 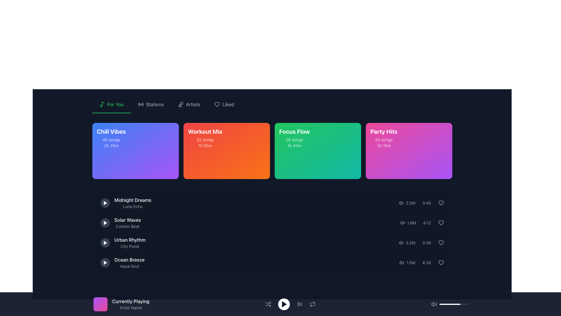 I want to click on the informational text label that communicates a numerical value, located beneath the 'Party Hits' card and aligned with other elements in the interface, so click(x=411, y=223).